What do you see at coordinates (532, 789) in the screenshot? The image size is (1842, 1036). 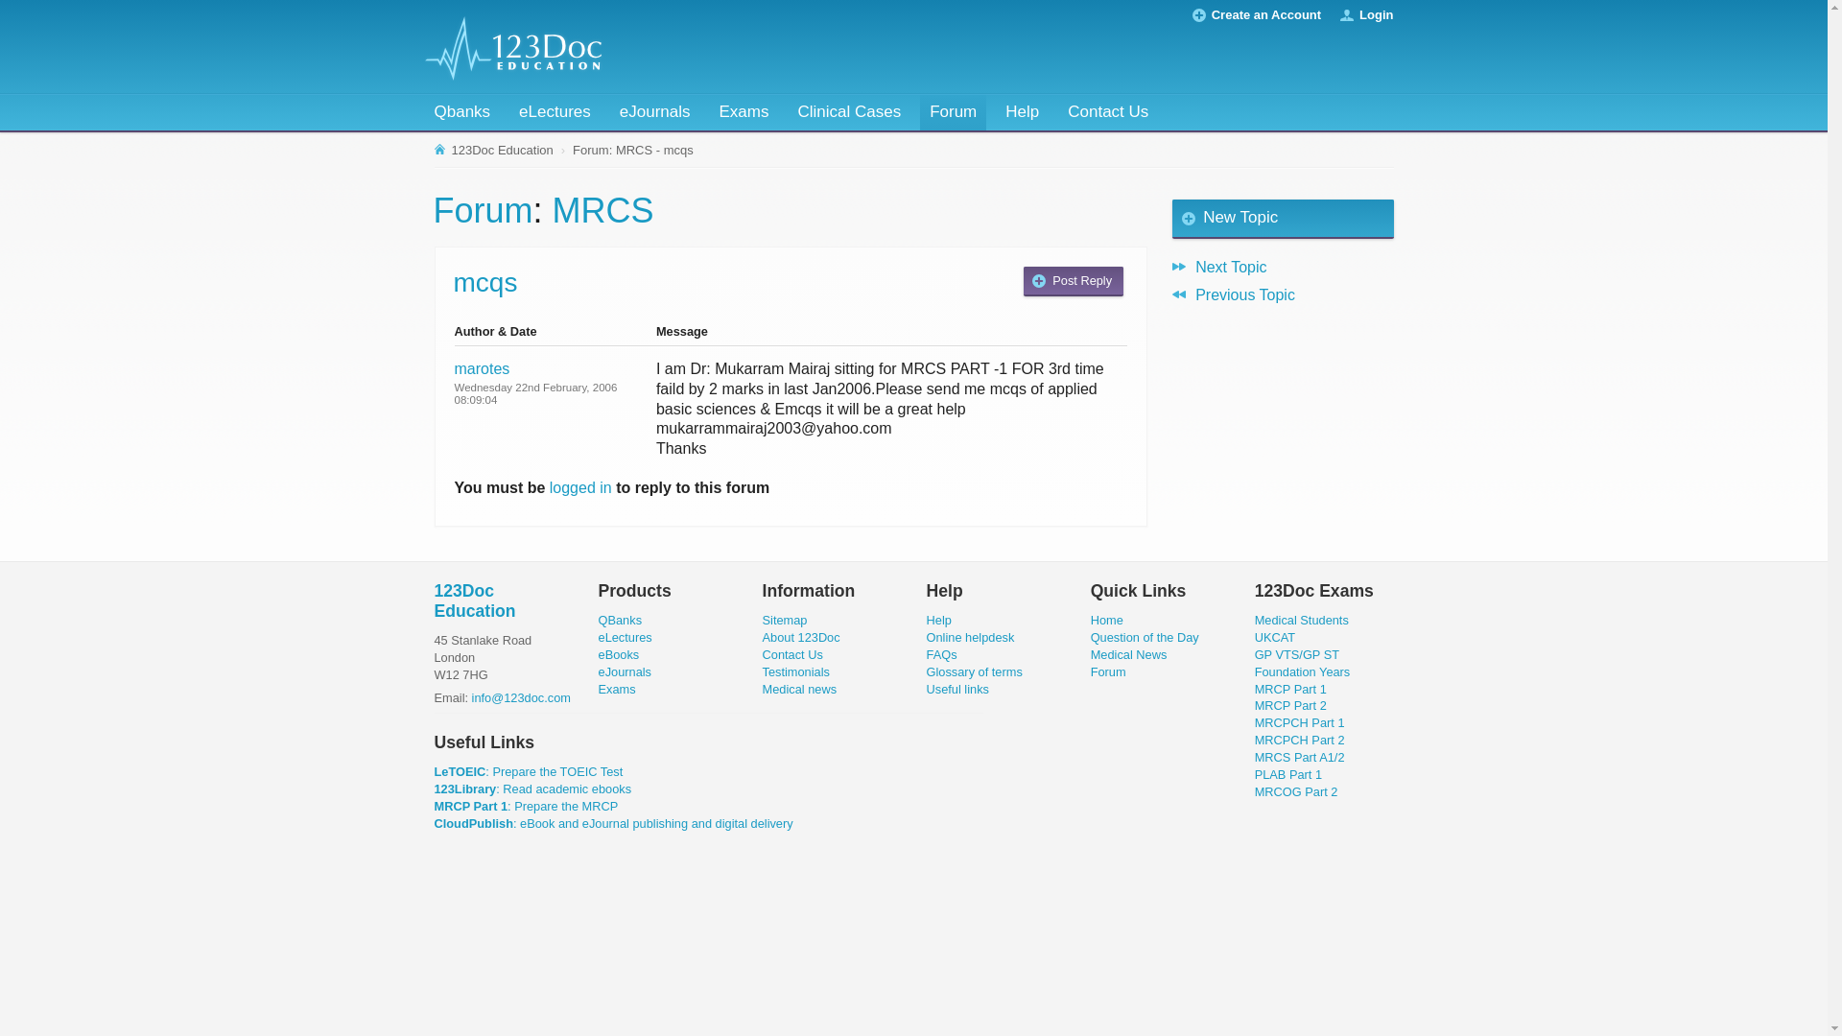 I see `'123Library: Read academic ebooks'` at bounding box center [532, 789].